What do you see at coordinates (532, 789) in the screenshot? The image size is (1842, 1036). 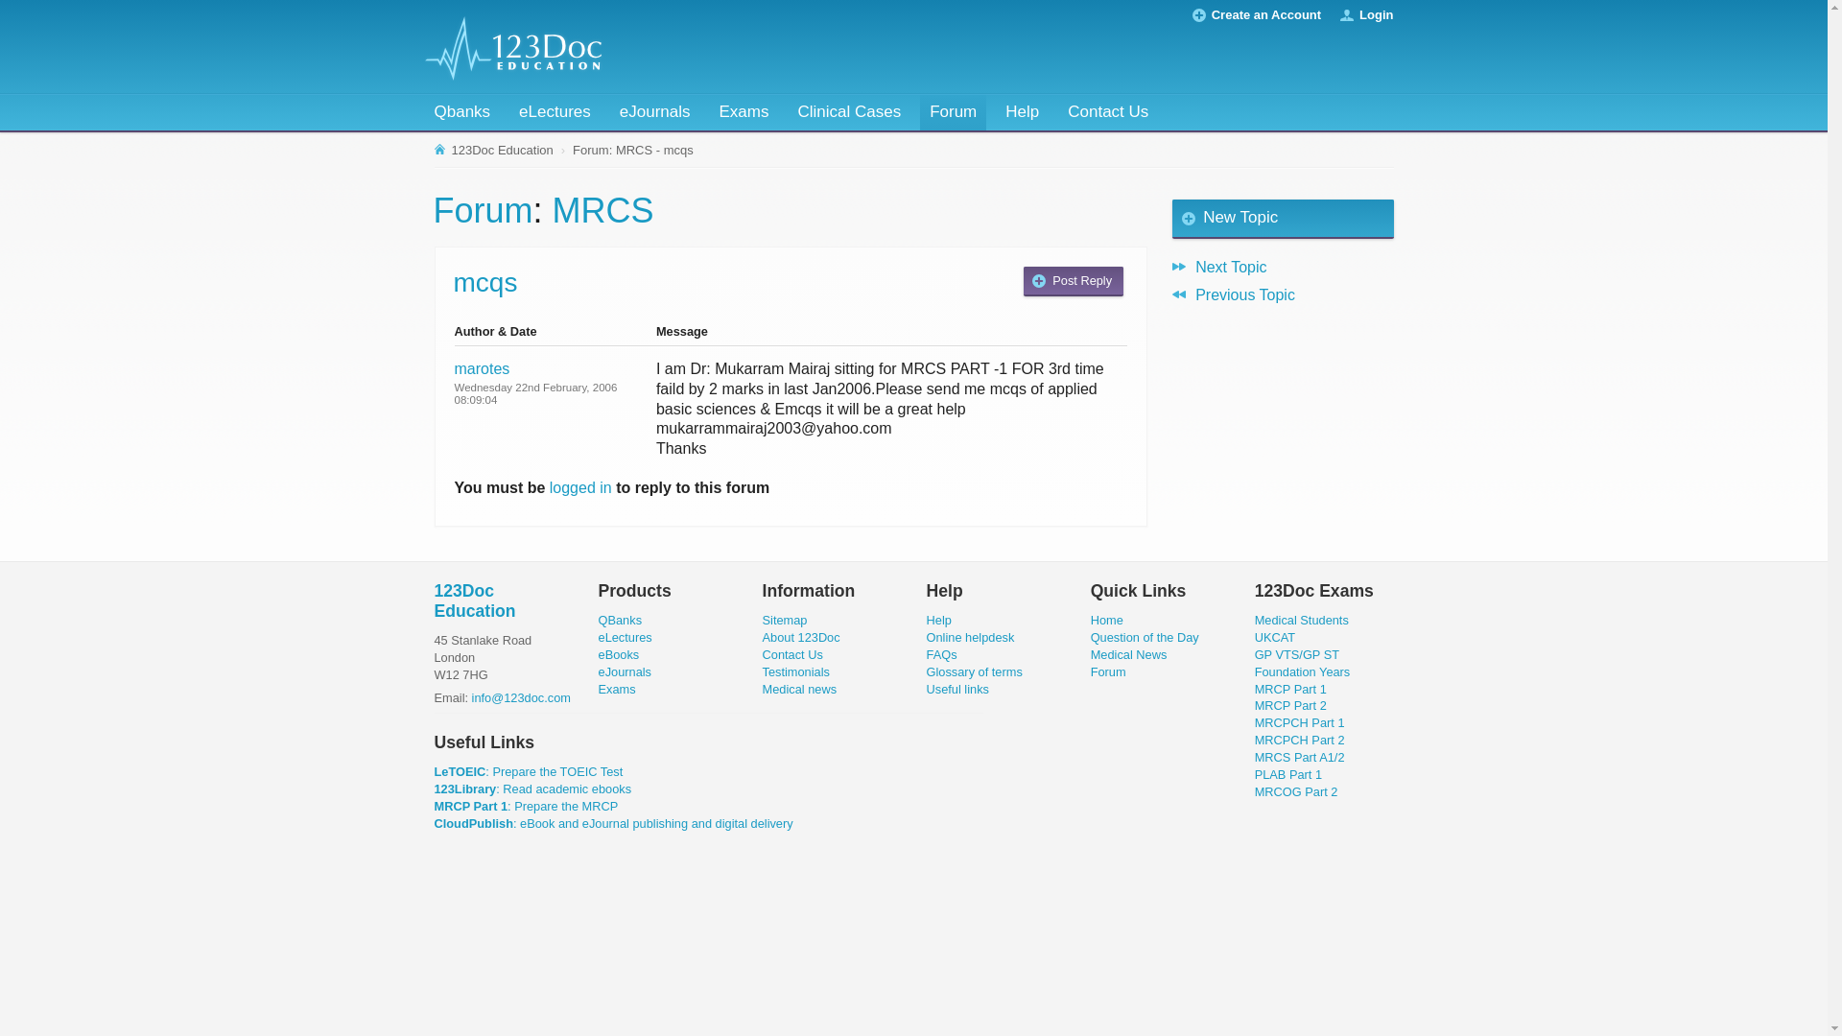 I see `'123Library: Read academic ebooks'` at bounding box center [532, 789].